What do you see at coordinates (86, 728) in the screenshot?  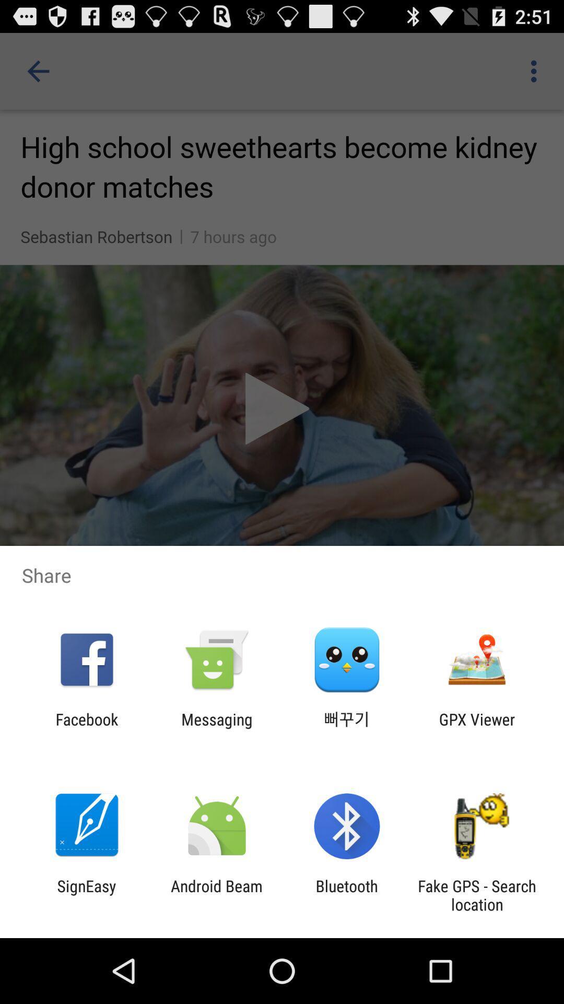 I see `the app next to the messaging icon` at bounding box center [86, 728].